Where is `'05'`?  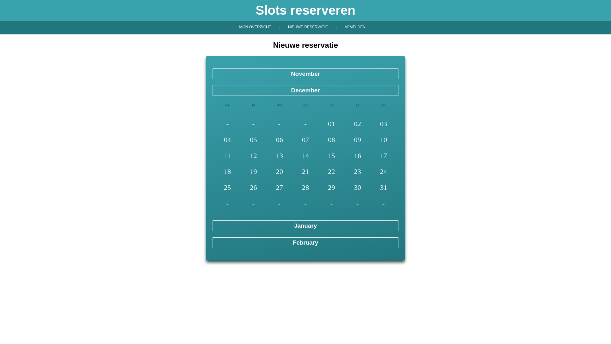 '05' is located at coordinates (253, 140).